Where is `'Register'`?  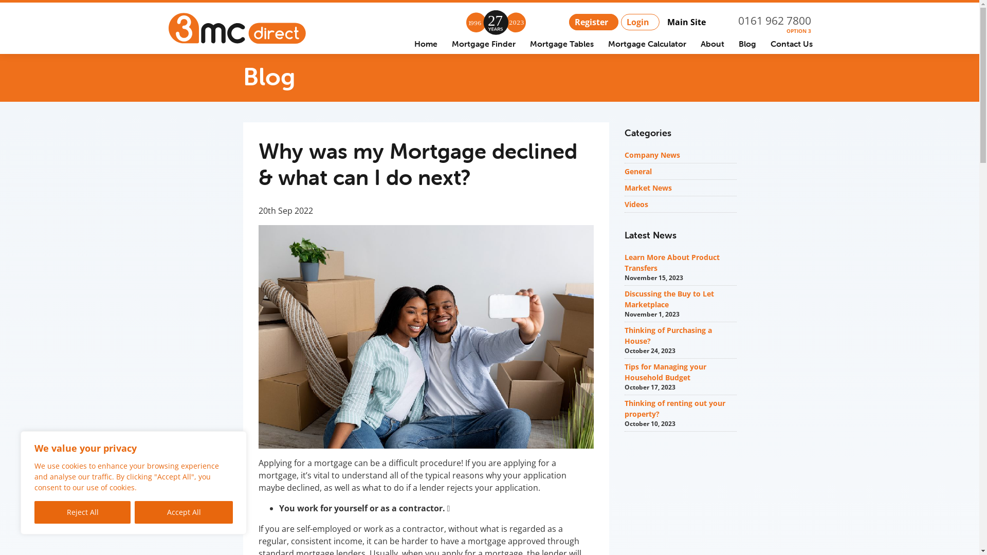 'Register' is located at coordinates (568, 22).